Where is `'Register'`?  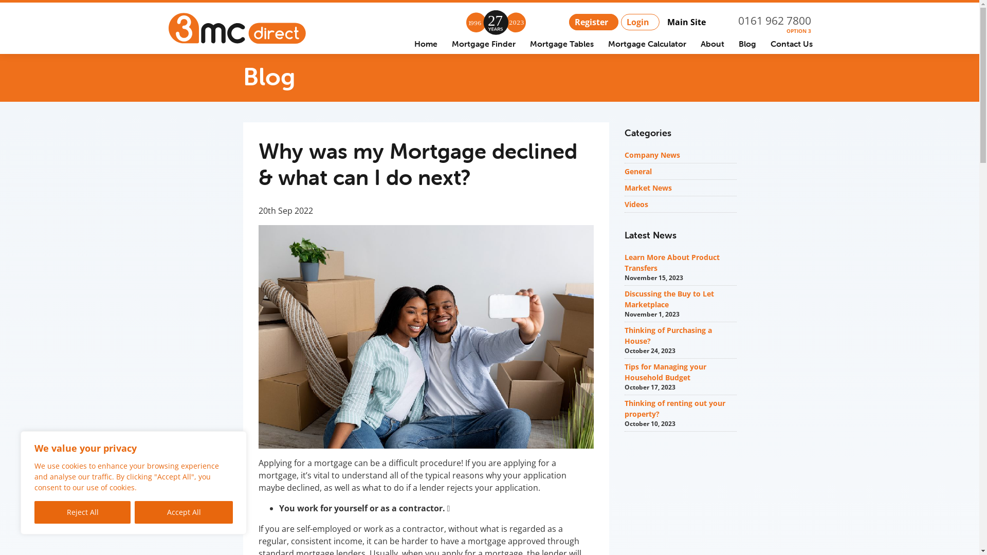 'Register' is located at coordinates (568, 22).